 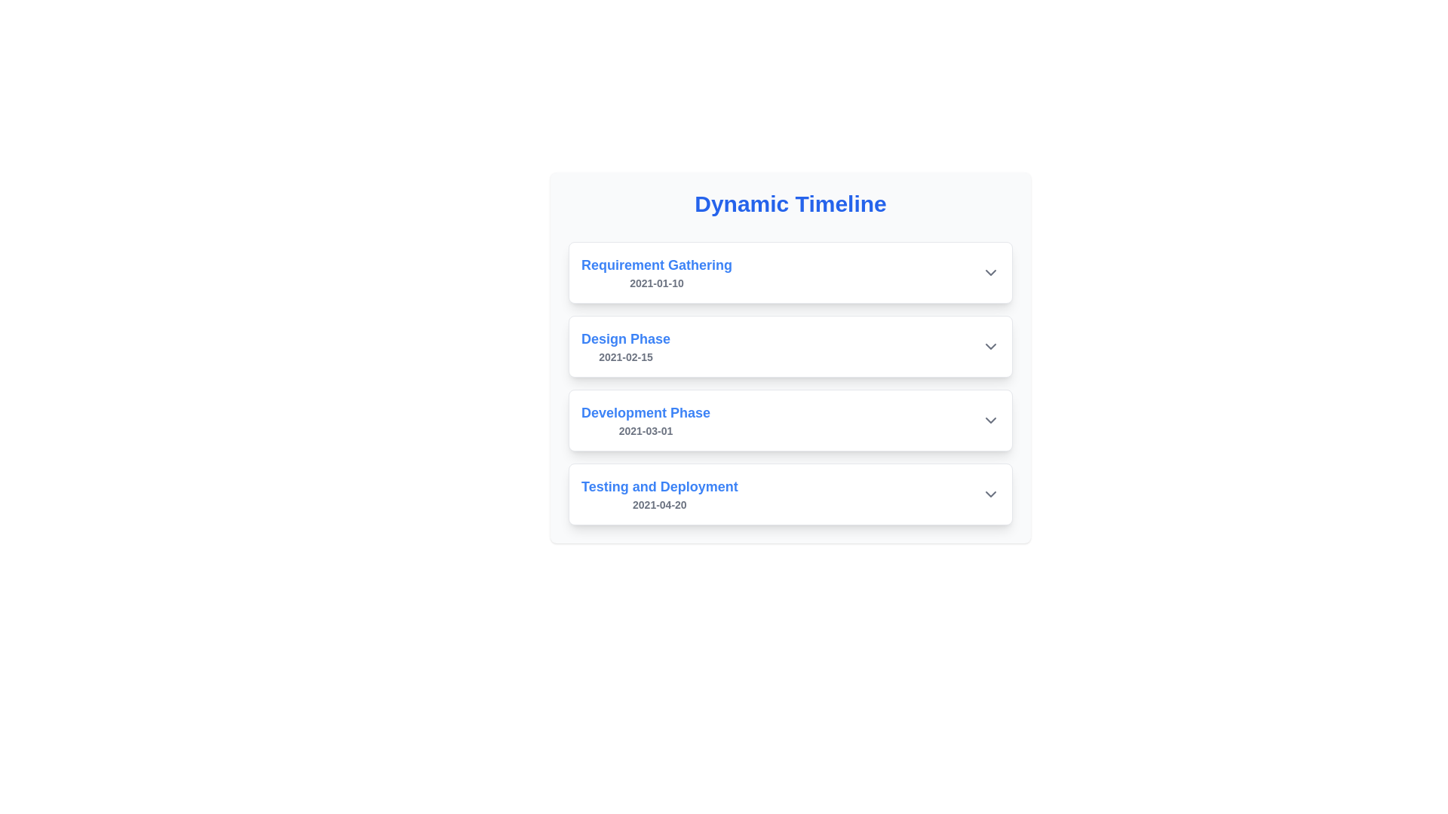 I want to click on the 'Requirement Gathering' informative label in the 'Dynamic Timeline' section, which displays the date '2021-01-10', so click(x=657, y=273).